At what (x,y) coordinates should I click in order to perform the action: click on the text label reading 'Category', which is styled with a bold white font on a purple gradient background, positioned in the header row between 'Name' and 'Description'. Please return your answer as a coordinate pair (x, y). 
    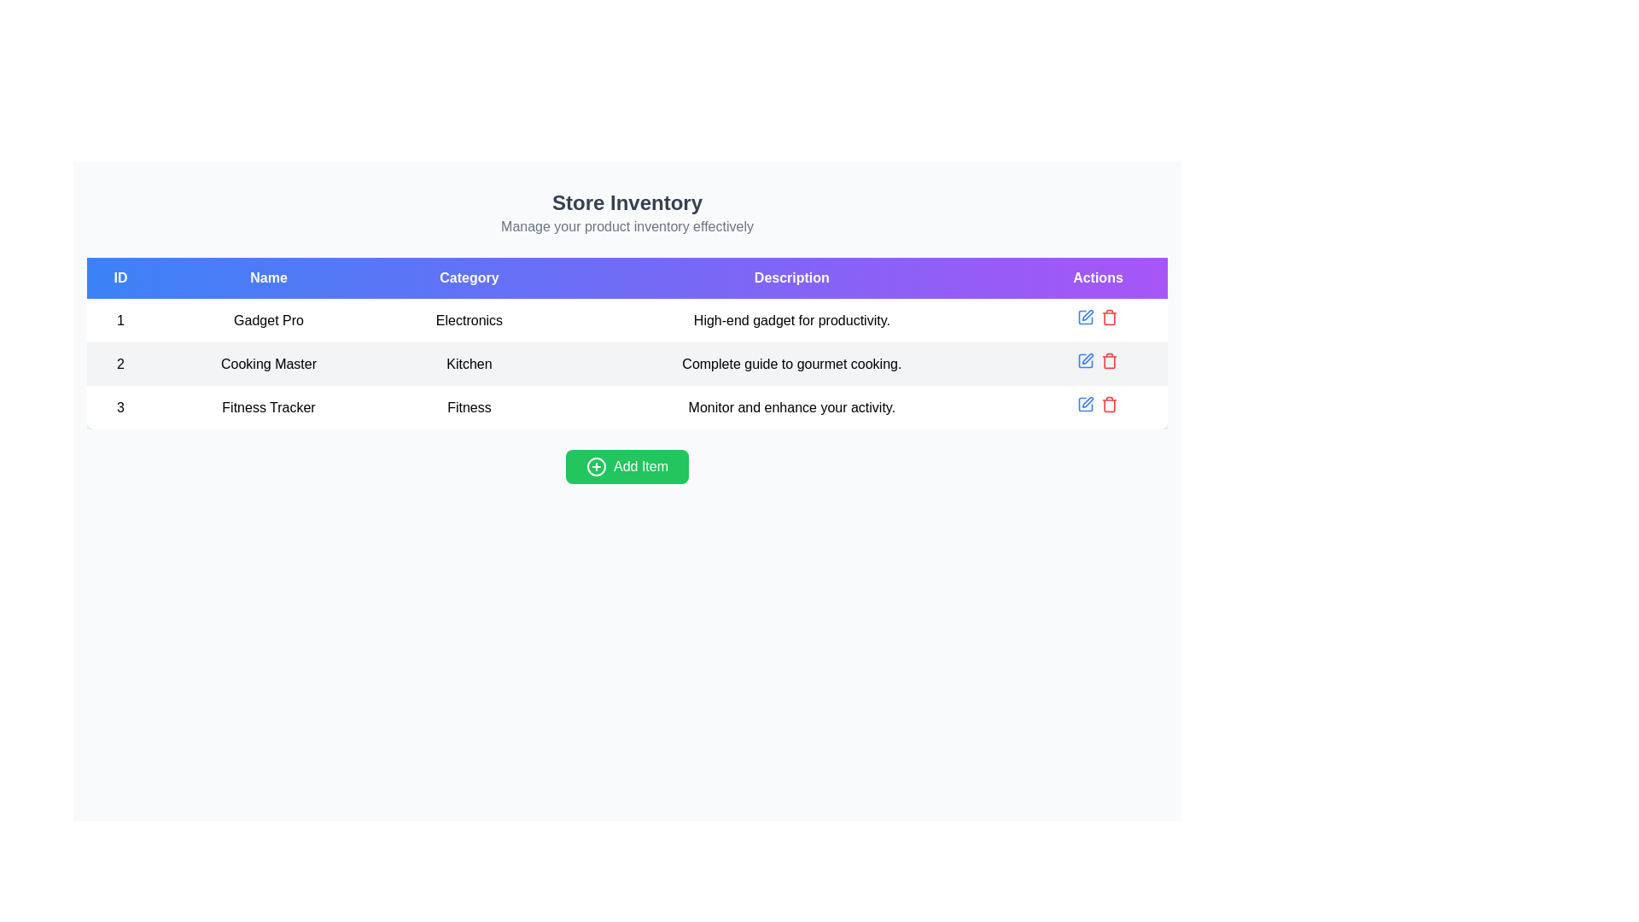
    Looking at the image, I should click on (469, 277).